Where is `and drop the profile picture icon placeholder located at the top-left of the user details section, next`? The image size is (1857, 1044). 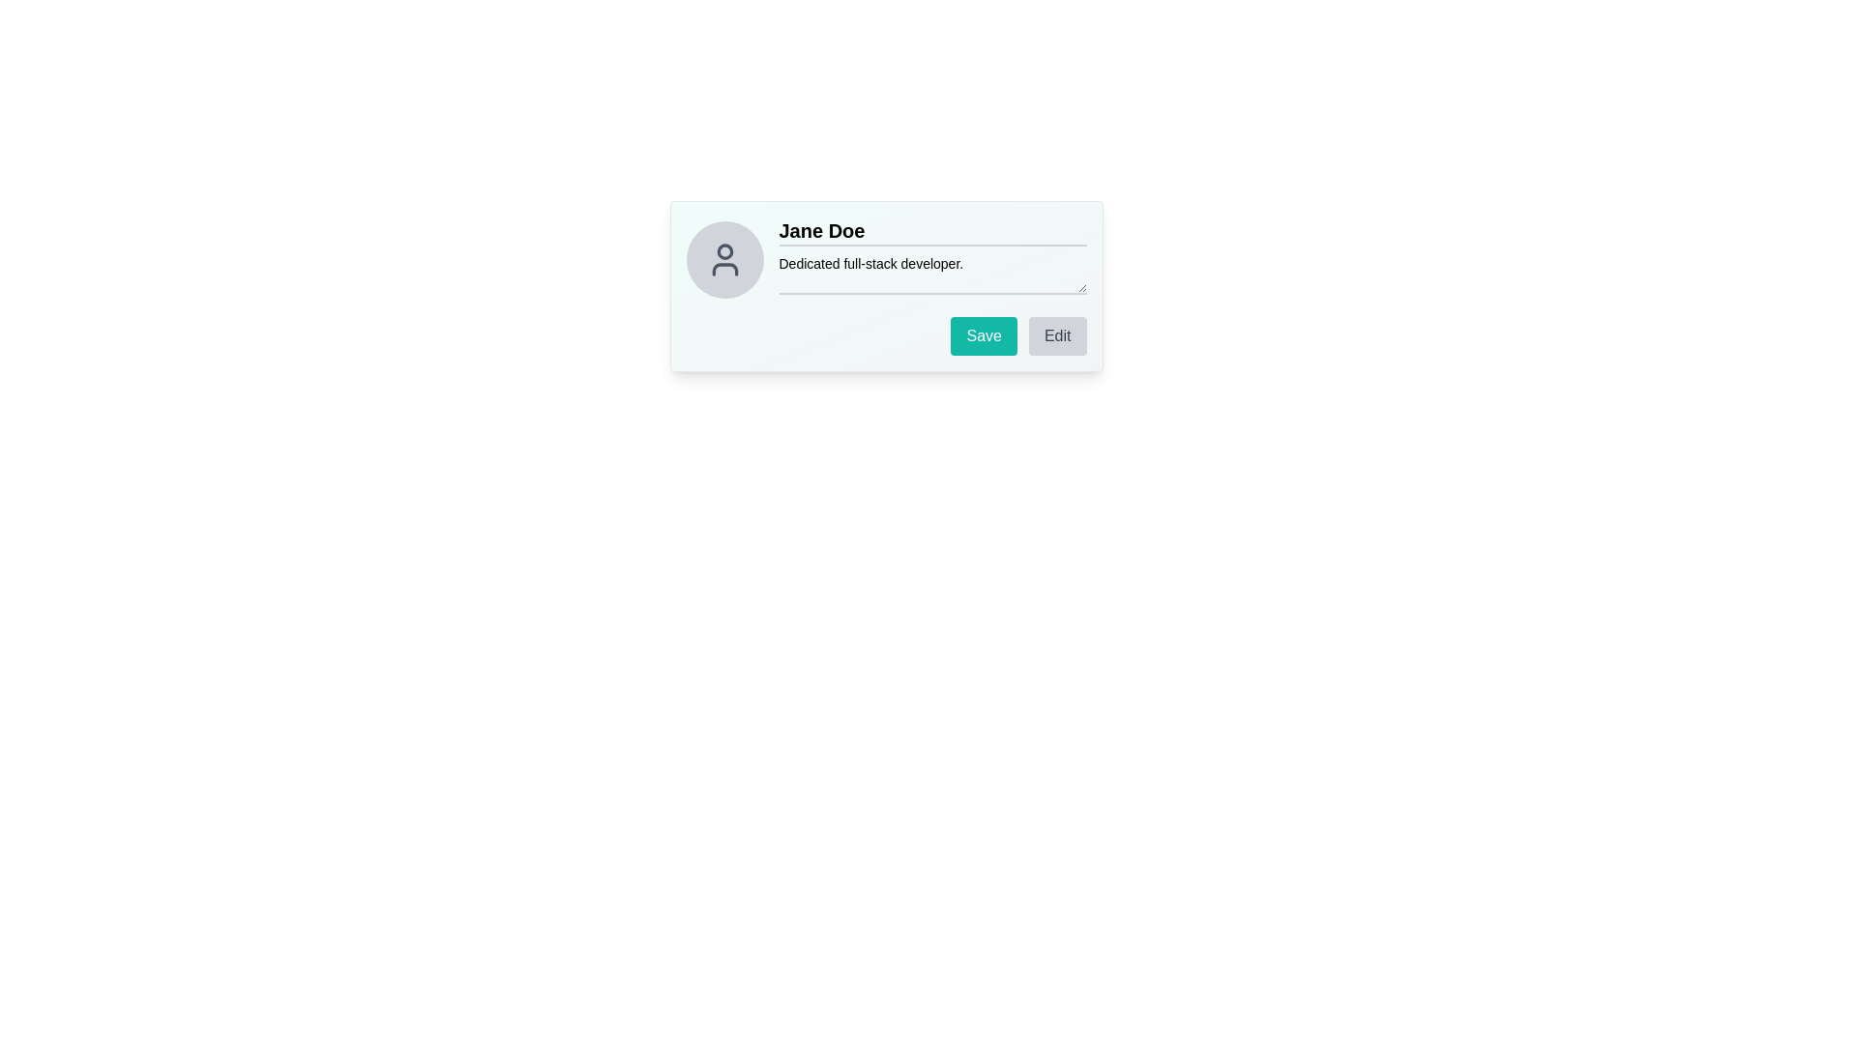
and drop the profile picture icon placeholder located at the top-left of the user details section, next is located at coordinates (723, 258).